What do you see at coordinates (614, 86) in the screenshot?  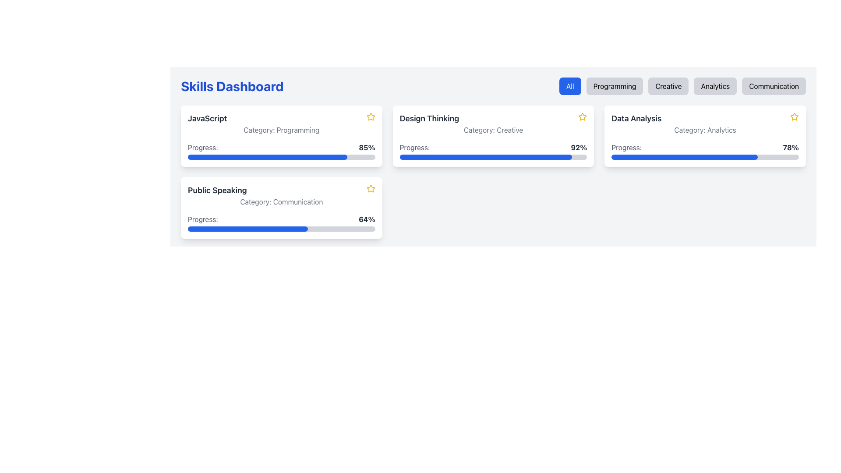 I see `the 'Programming' button, which is the second button from the left in a horizontal group of five buttons, to filter content` at bounding box center [614, 86].